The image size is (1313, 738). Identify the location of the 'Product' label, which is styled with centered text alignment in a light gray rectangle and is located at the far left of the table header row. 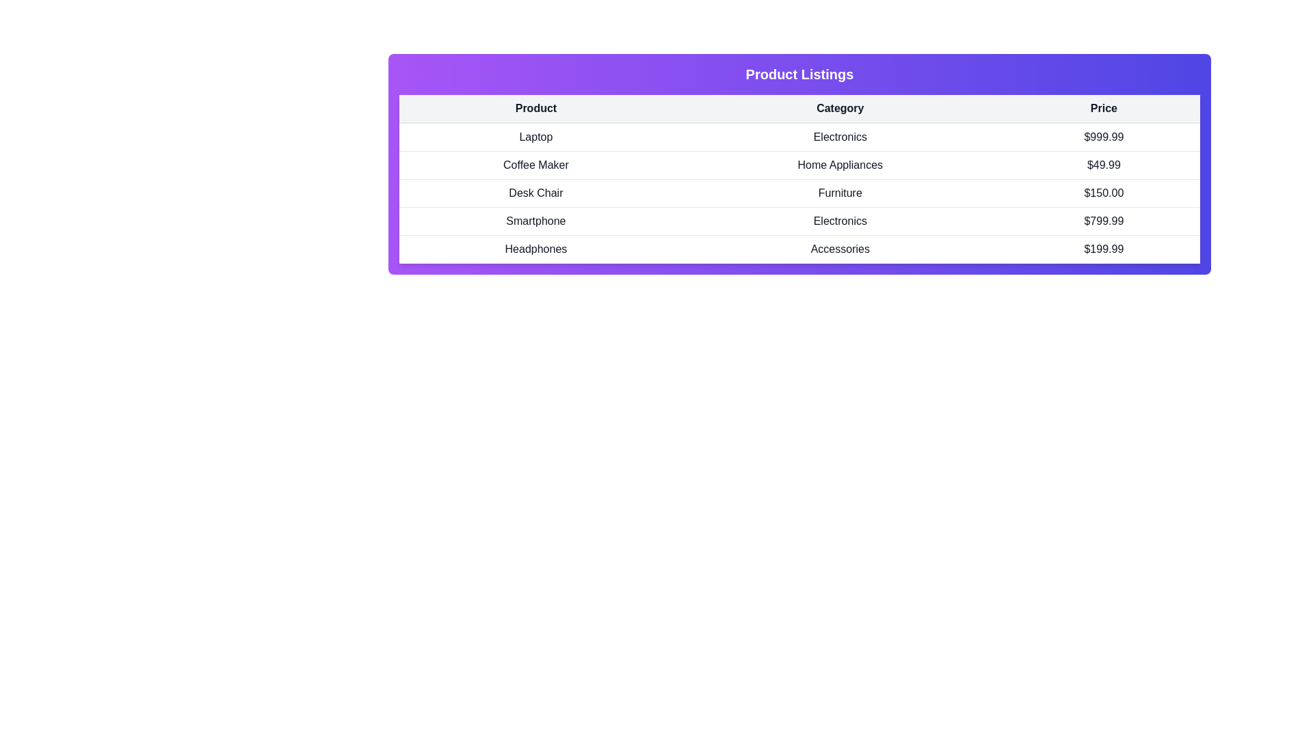
(535, 108).